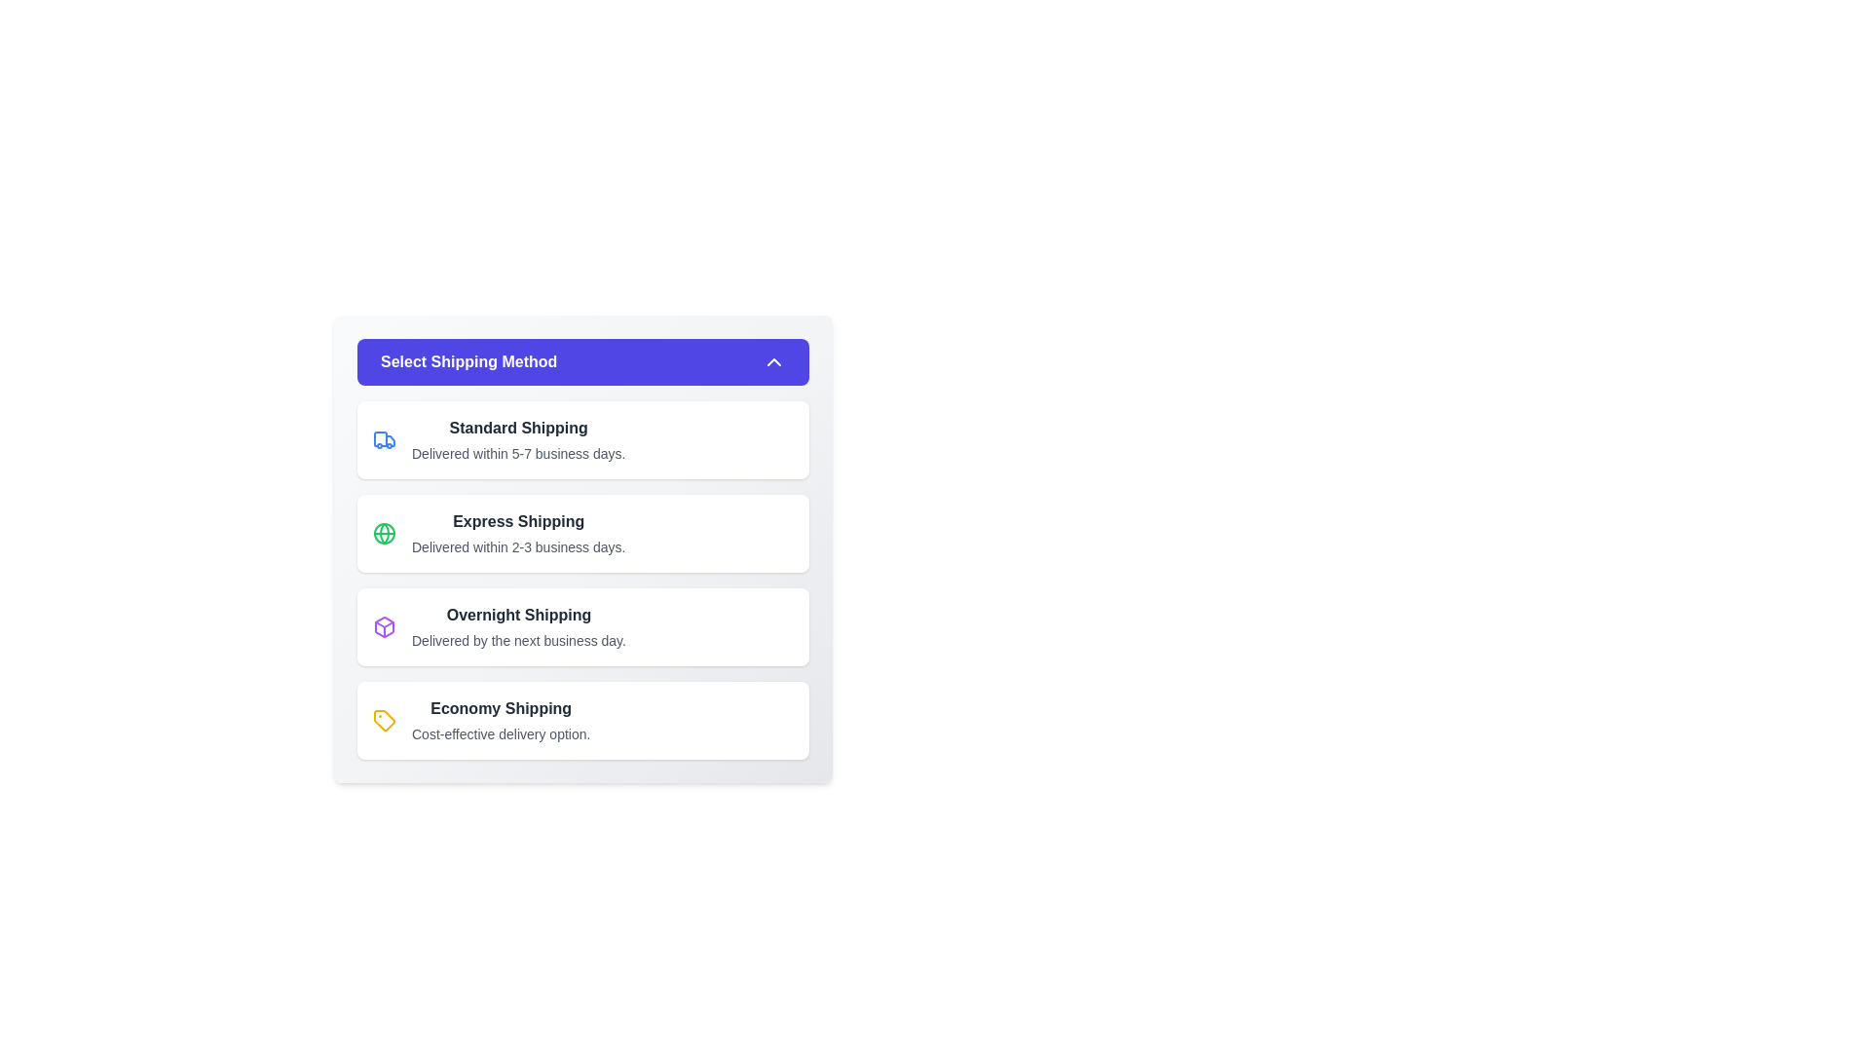 Image resolution: width=1870 pixels, height=1052 pixels. I want to click on the first selectable list item for 'Standard Shipping' to activate the hover animation, so click(582, 439).